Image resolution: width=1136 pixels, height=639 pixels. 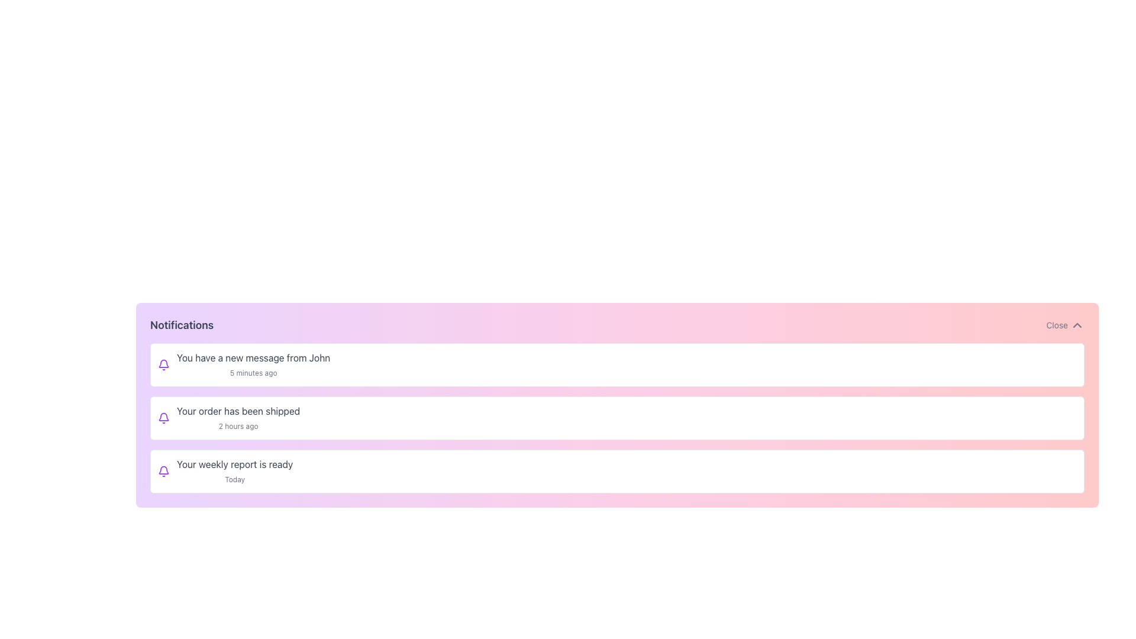 I want to click on the text label that says 'Your order has been shipped' located in the notifications section, so click(x=238, y=410).